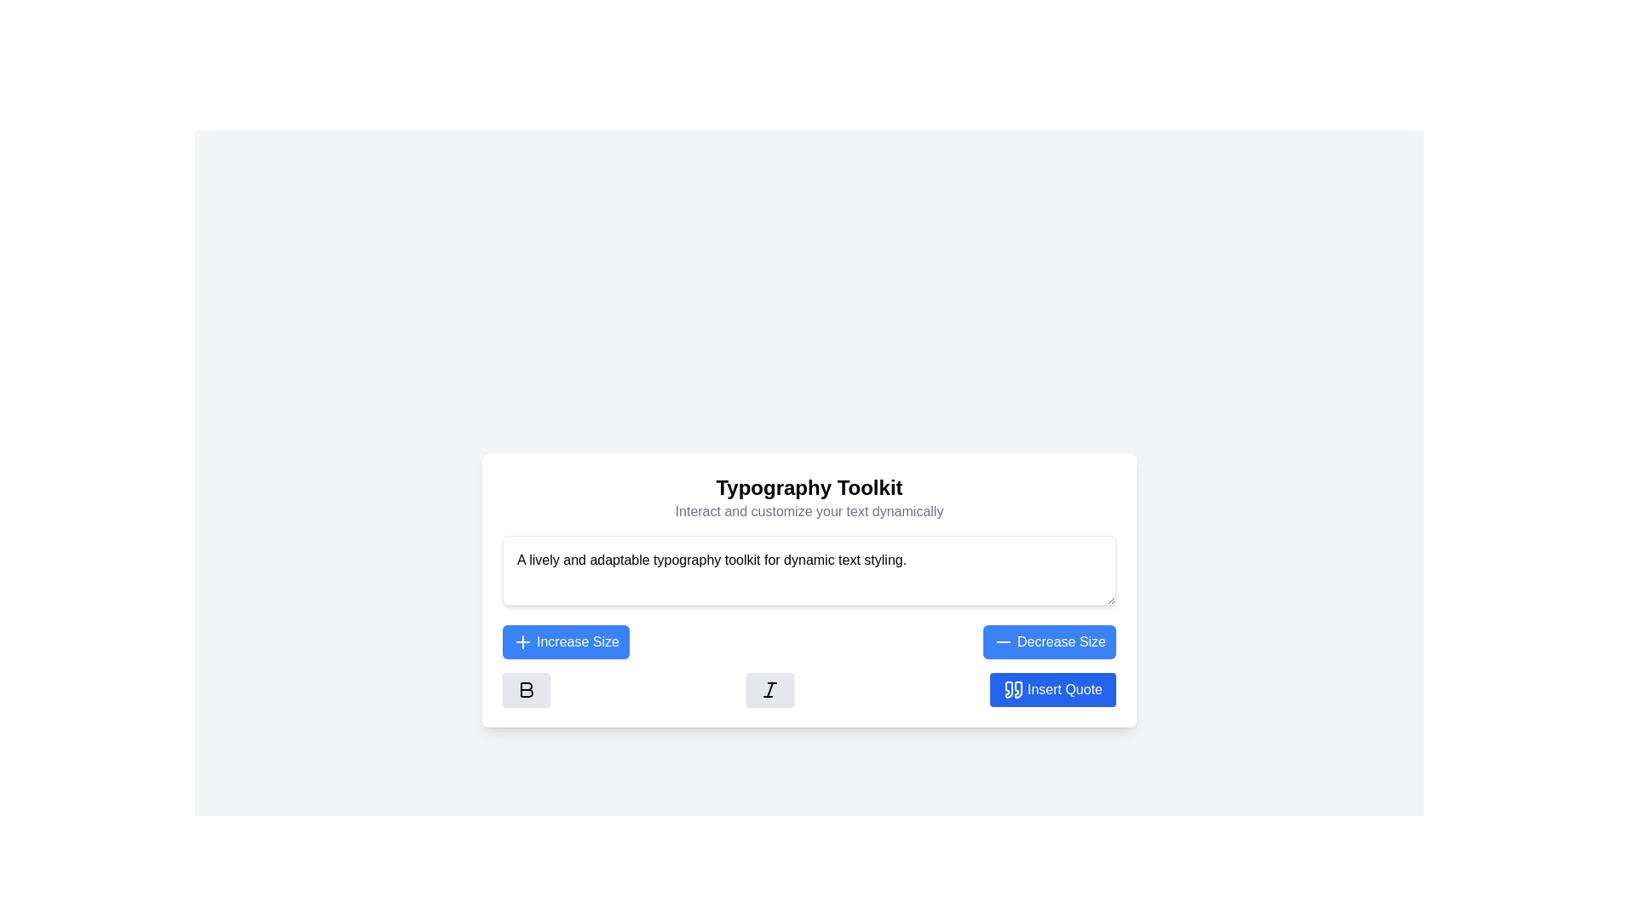  Describe the element at coordinates (522, 641) in the screenshot. I see `the blue icon with a plus-shaped design located within the 'Increase Size' button at the bottom-left section of the card interface` at that location.